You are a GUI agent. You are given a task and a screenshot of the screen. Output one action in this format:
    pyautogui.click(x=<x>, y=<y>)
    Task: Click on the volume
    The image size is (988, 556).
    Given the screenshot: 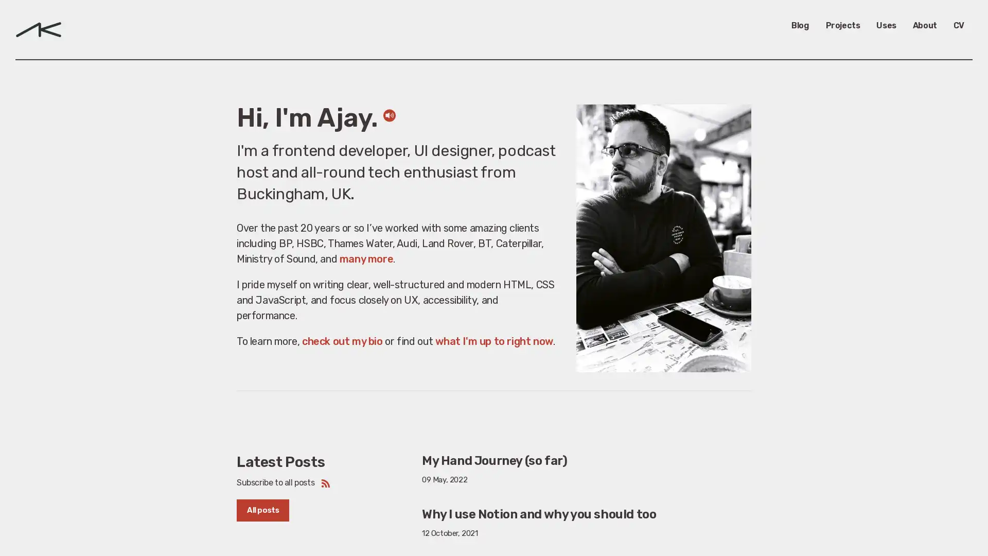 What is the action you would take?
    pyautogui.click(x=389, y=130)
    